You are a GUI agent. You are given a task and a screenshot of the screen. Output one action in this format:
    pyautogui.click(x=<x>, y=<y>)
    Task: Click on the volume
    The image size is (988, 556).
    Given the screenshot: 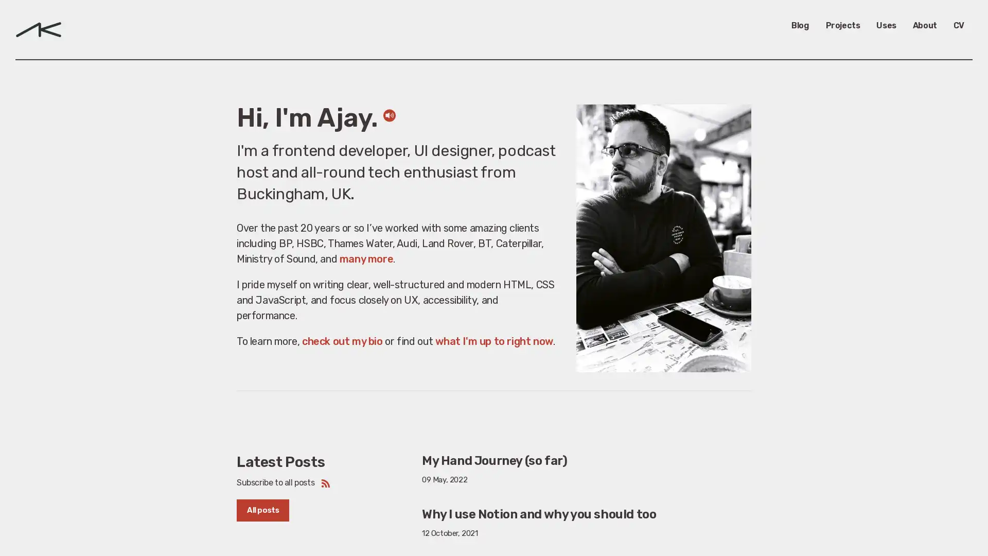 What is the action you would take?
    pyautogui.click(x=389, y=130)
    